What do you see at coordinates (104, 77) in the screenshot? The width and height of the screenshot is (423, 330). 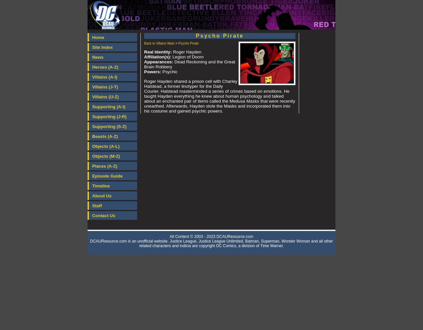 I see `'Villains (A-I)'` at bounding box center [104, 77].